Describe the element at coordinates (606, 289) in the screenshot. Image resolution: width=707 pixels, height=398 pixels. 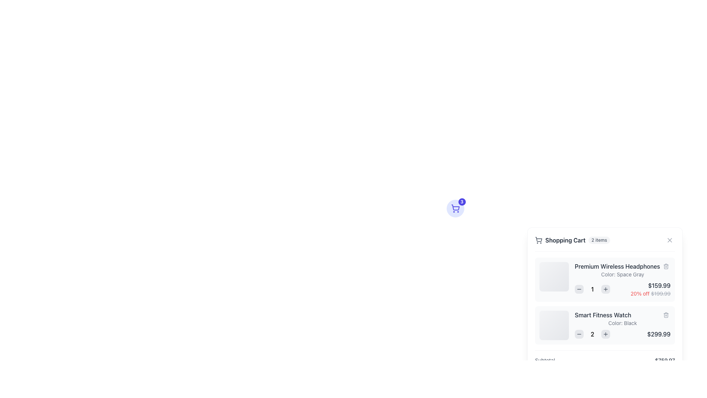
I see `the plus icon button located in the shopping cart section for 'Premium Wireless Headphones'` at that location.